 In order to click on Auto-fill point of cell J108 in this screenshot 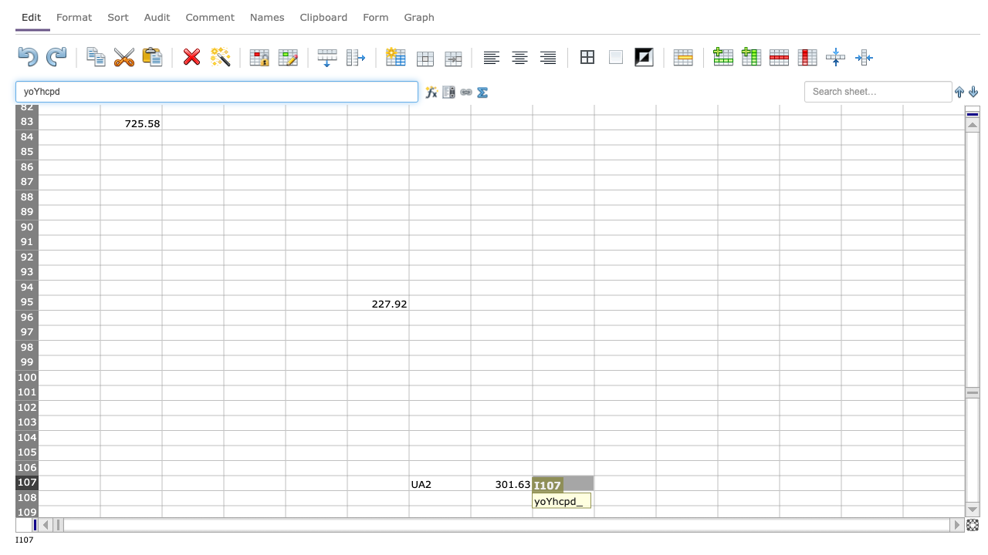, I will do `click(656, 505)`.